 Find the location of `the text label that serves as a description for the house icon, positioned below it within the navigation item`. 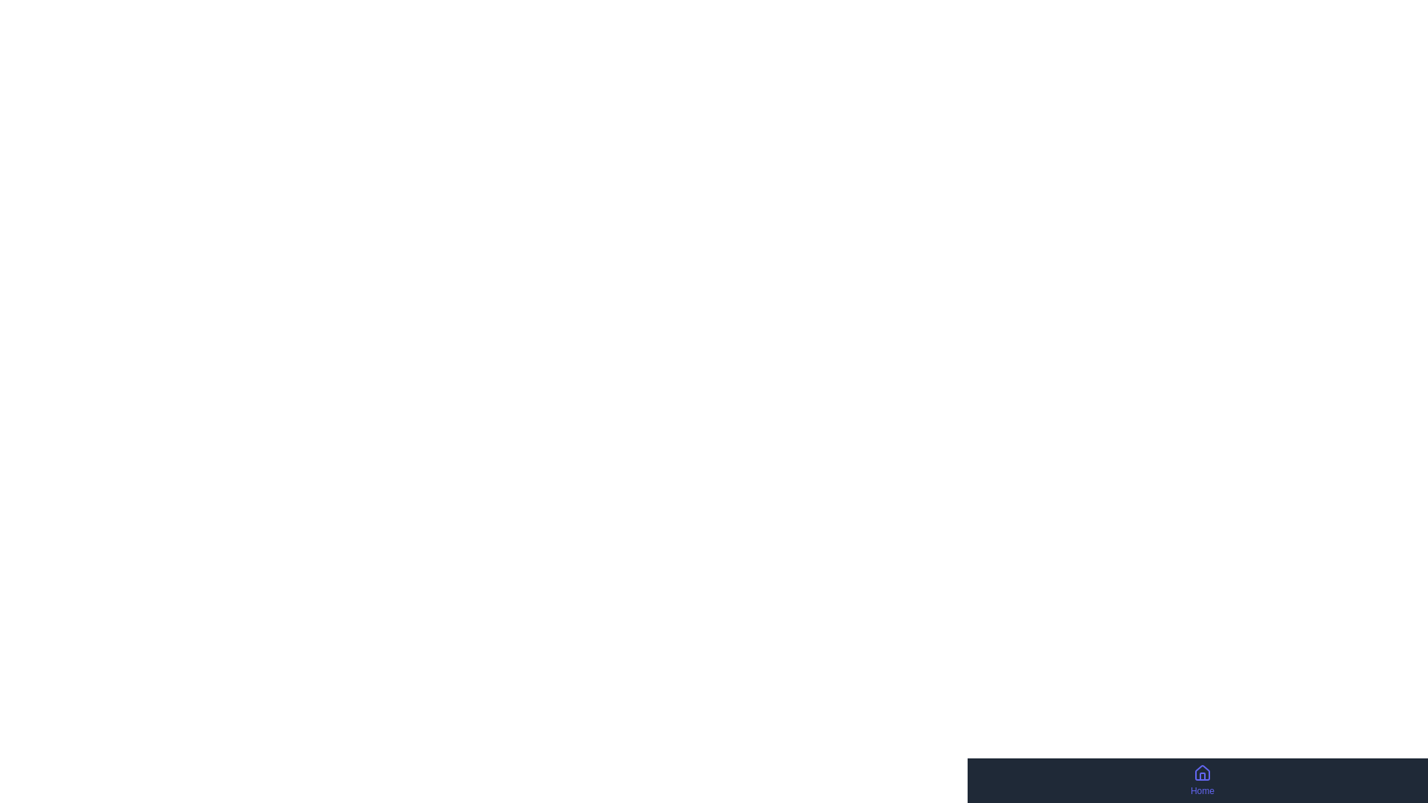

the text label that serves as a description for the house icon, positioned below it within the navigation item is located at coordinates (1202, 790).